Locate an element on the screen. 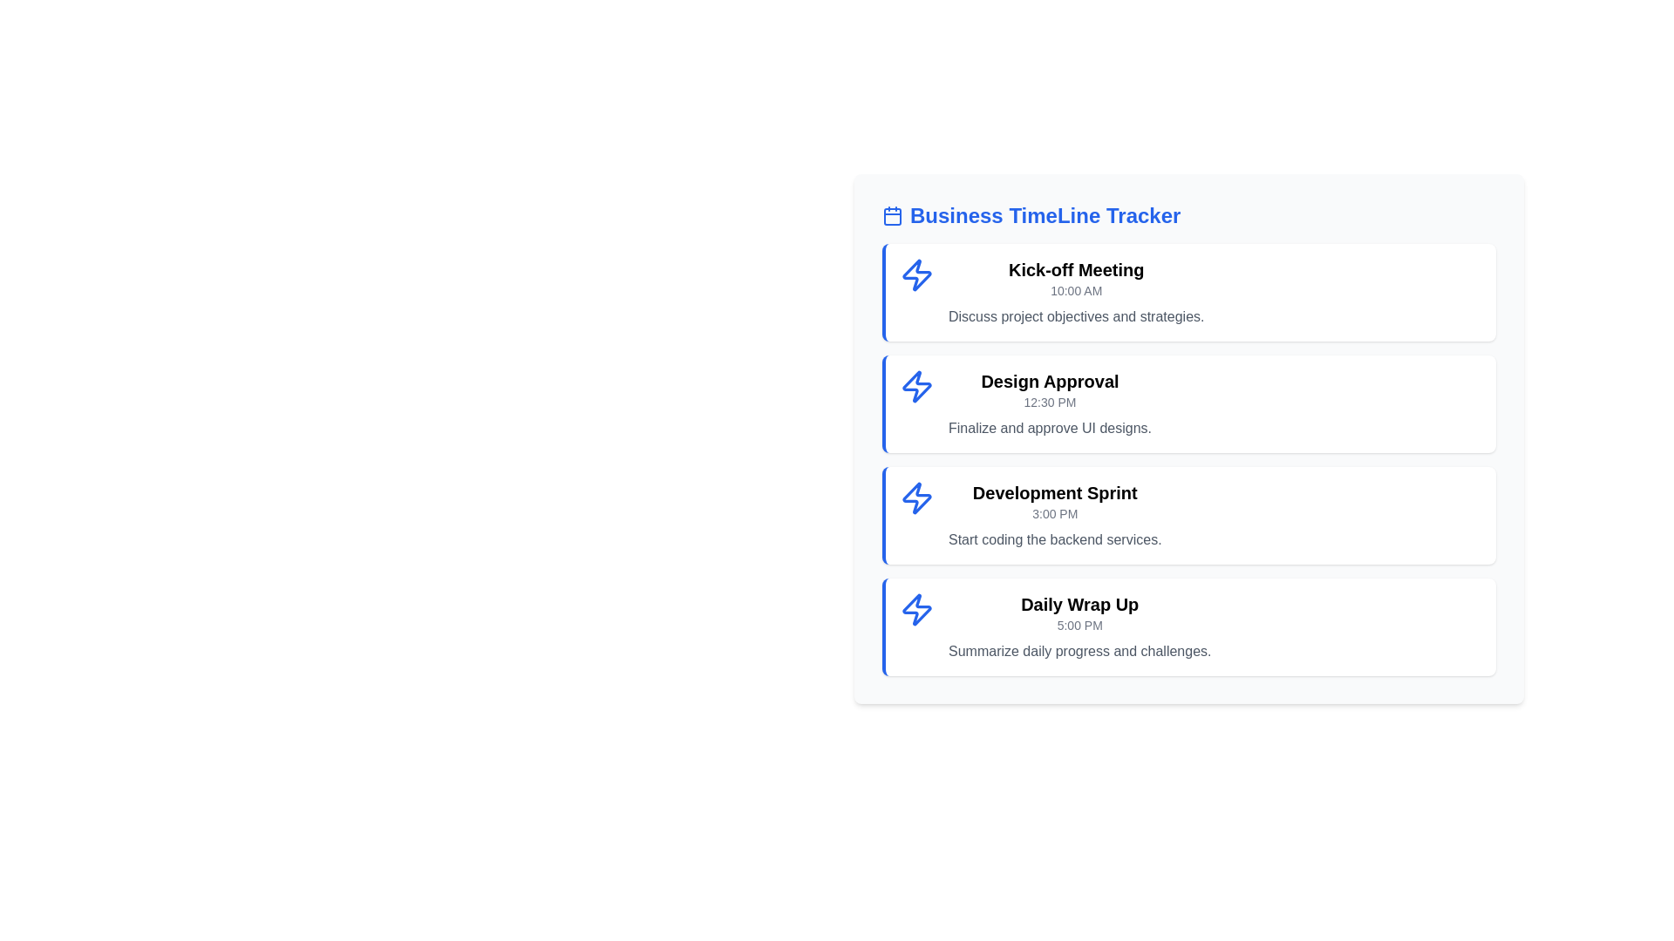 This screenshot has height=941, width=1674. the 'Development Sprint' timeline item is located at coordinates (1054, 514).